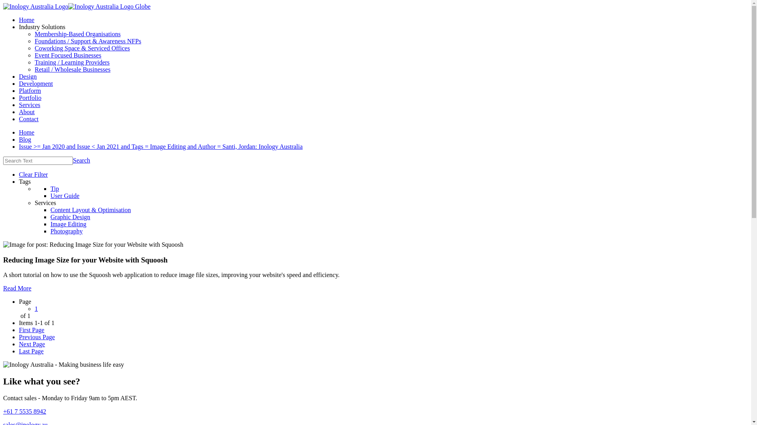 The image size is (757, 425). Describe the element at coordinates (3, 288) in the screenshot. I see `'Read More'` at that location.